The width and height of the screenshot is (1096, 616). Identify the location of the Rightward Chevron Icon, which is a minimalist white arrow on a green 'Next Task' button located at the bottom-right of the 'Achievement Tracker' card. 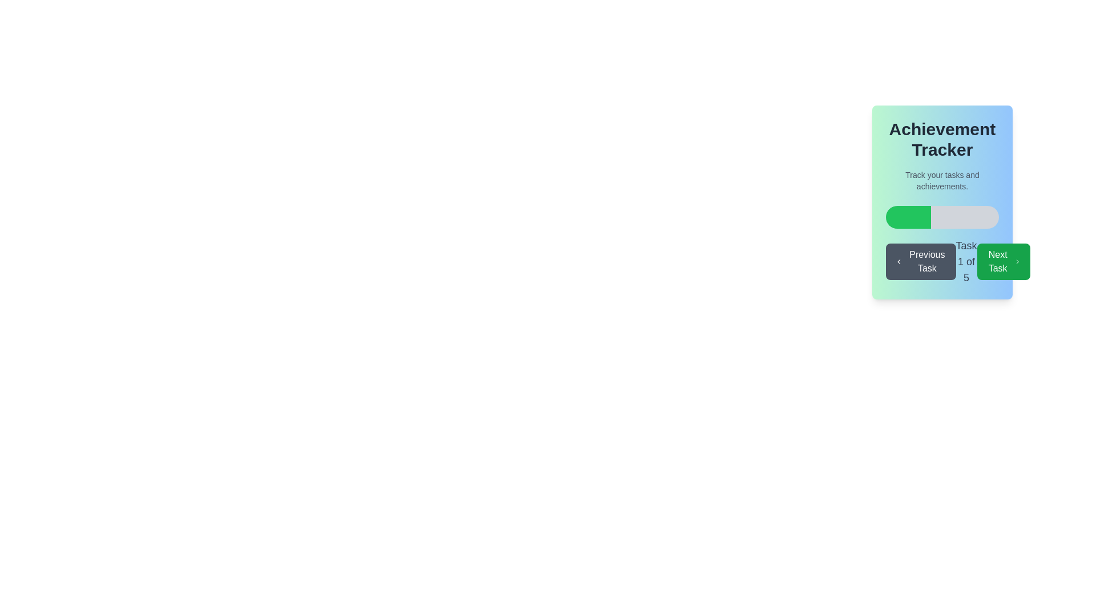
(1017, 262).